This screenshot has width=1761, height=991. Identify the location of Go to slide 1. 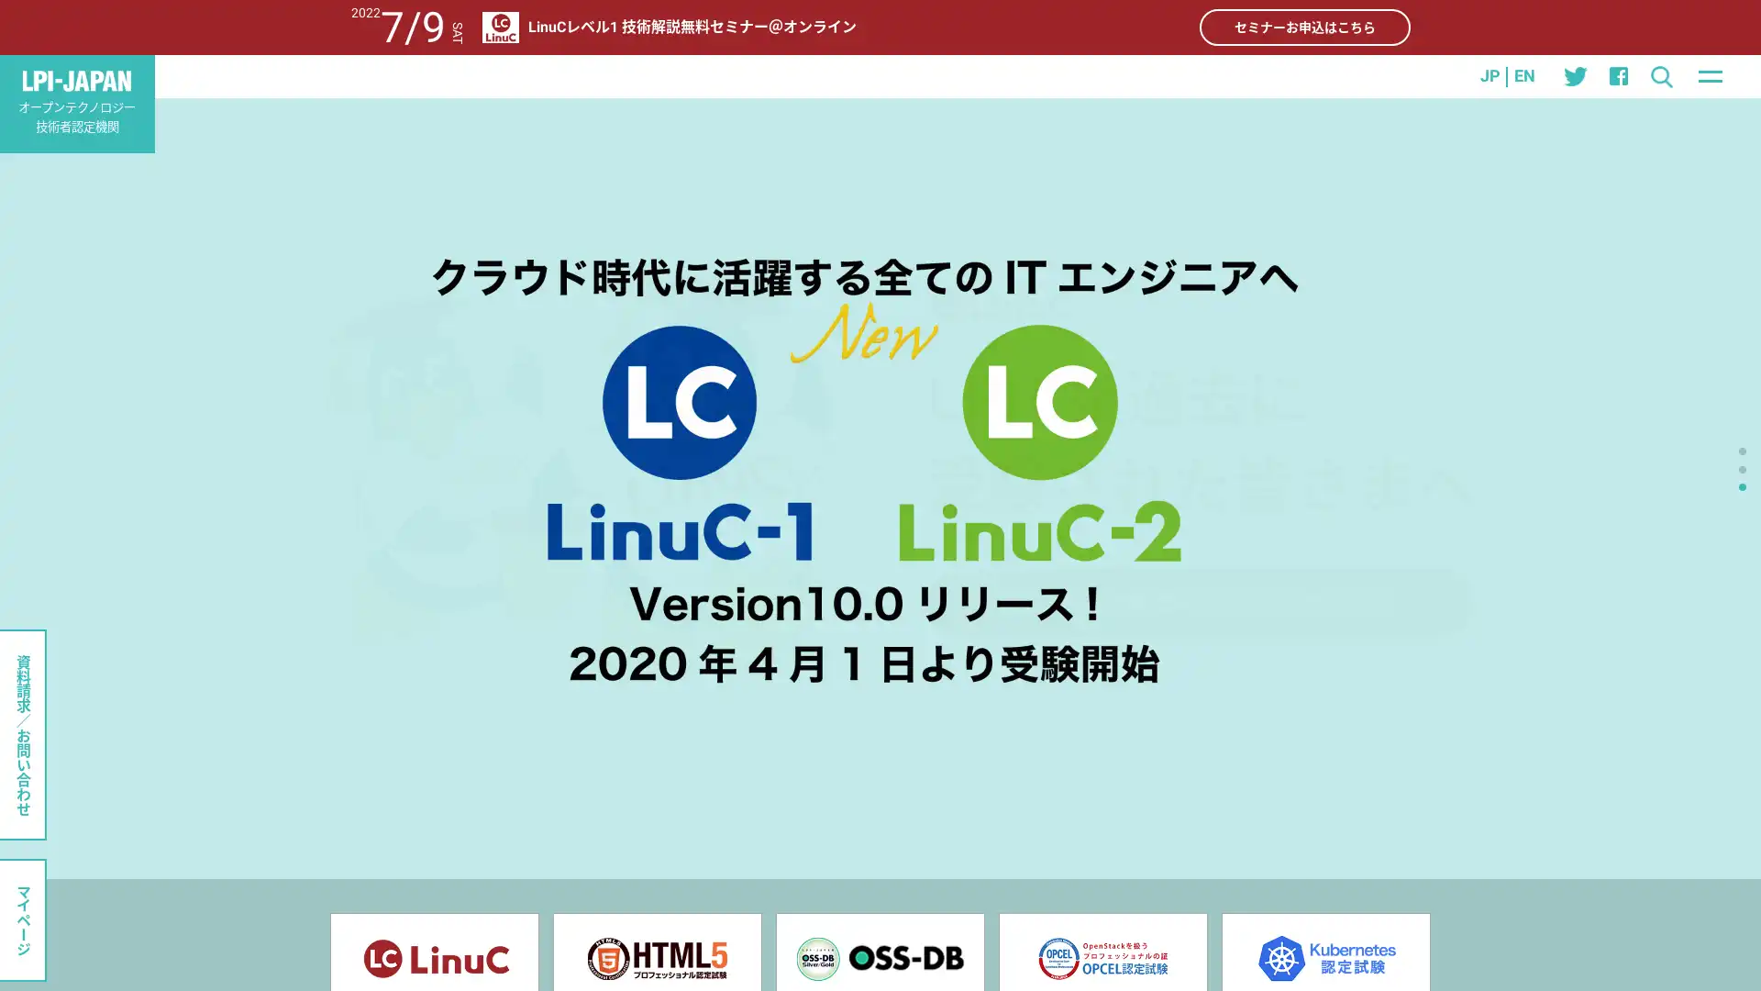
(1742, 451).